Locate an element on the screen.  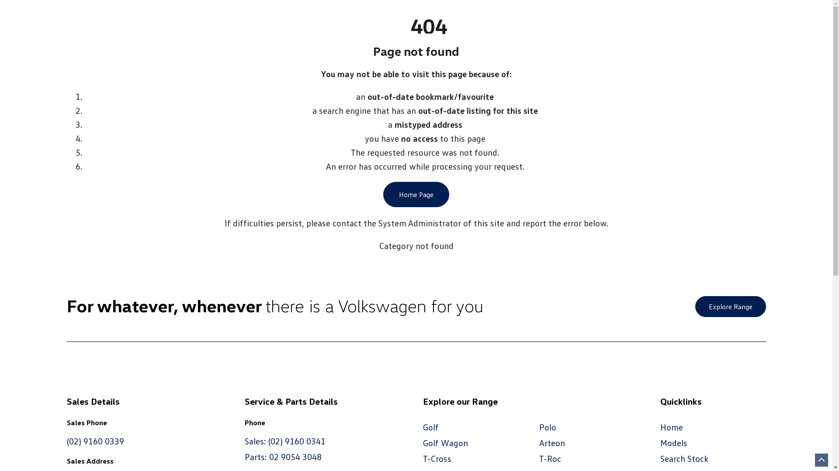
'Golf' is located at coordinates (430, 427).